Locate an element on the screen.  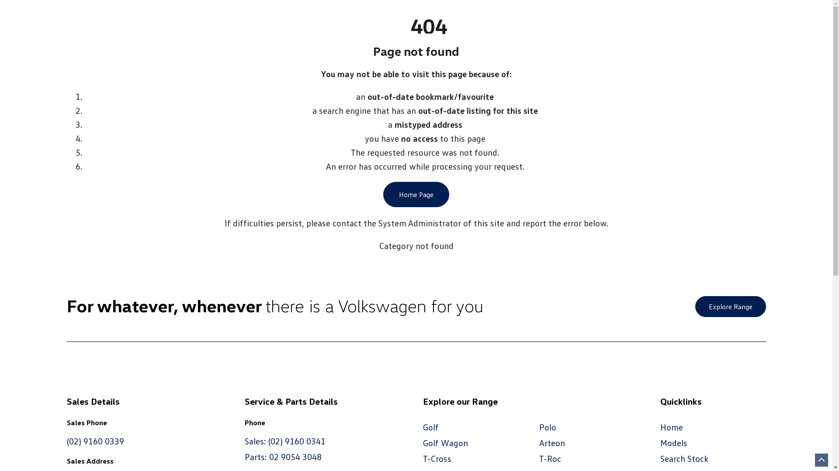
'Golf' is located at coordinates (430, 427).